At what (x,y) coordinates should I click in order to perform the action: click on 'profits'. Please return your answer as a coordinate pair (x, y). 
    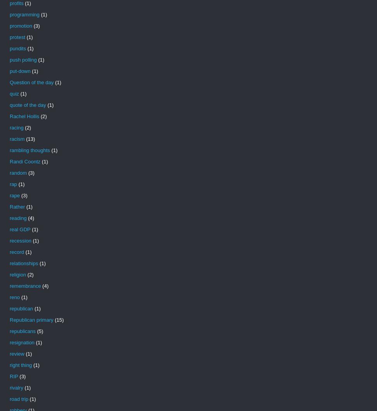
    Looking at the image, I should click on (9, 3).